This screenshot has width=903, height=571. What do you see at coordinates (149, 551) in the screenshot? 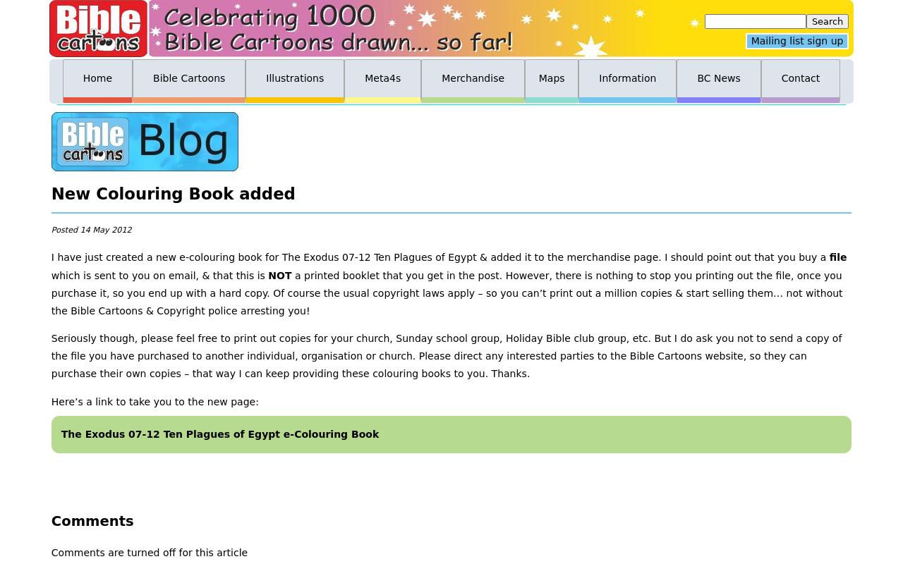
I see `'Comments are turned off for this article'` at bounding box center [149, 551].